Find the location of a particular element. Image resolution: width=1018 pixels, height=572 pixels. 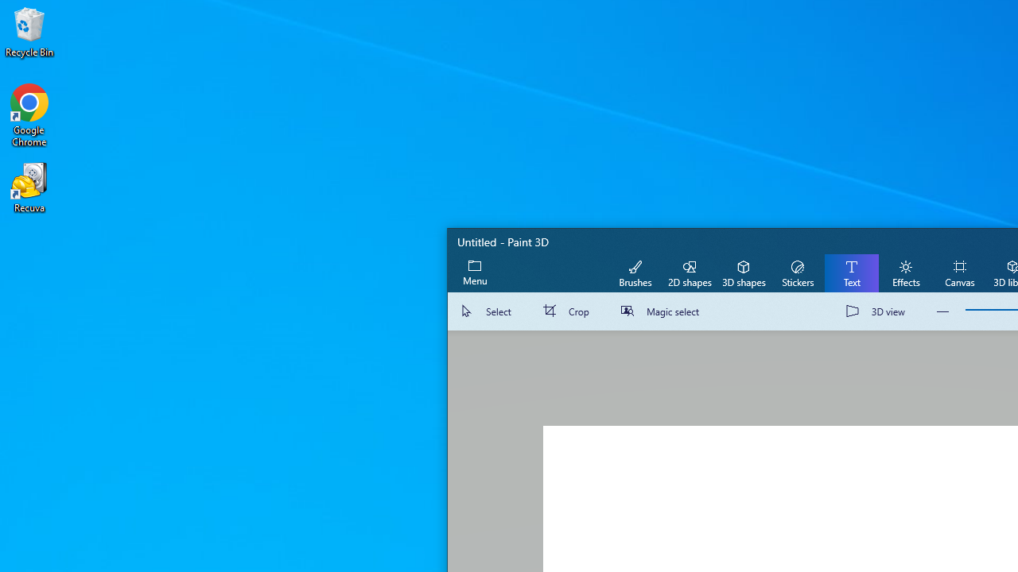

'2D shapes' is located at coordinates (690, 272).